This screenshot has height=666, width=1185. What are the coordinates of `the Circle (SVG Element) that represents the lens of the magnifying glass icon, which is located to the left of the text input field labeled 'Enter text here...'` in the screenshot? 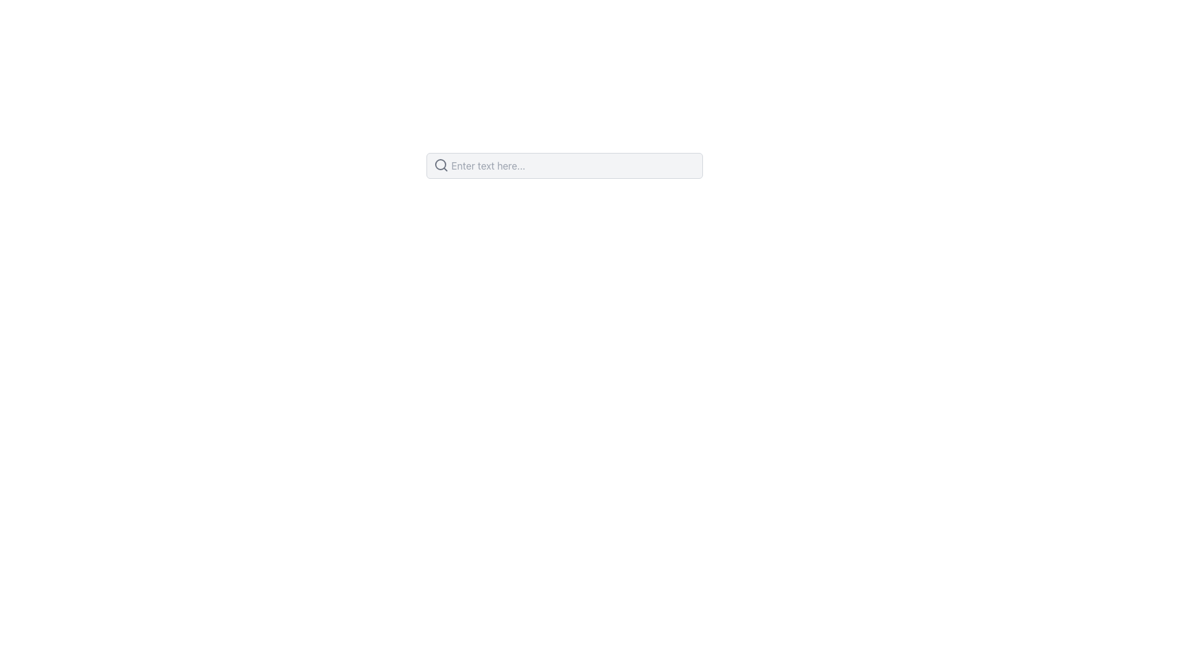 It's located at (440, 163).